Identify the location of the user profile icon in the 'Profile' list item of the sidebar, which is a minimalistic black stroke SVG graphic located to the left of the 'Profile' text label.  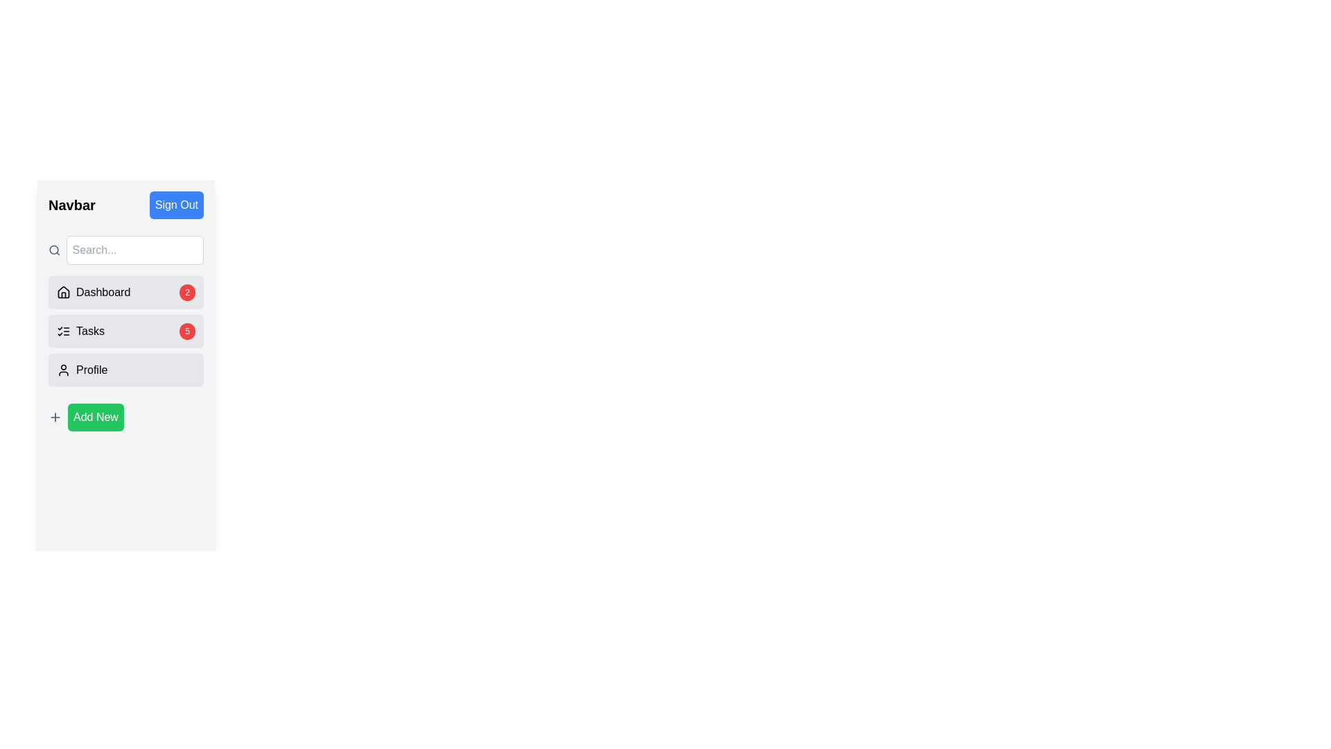
(62, 369).